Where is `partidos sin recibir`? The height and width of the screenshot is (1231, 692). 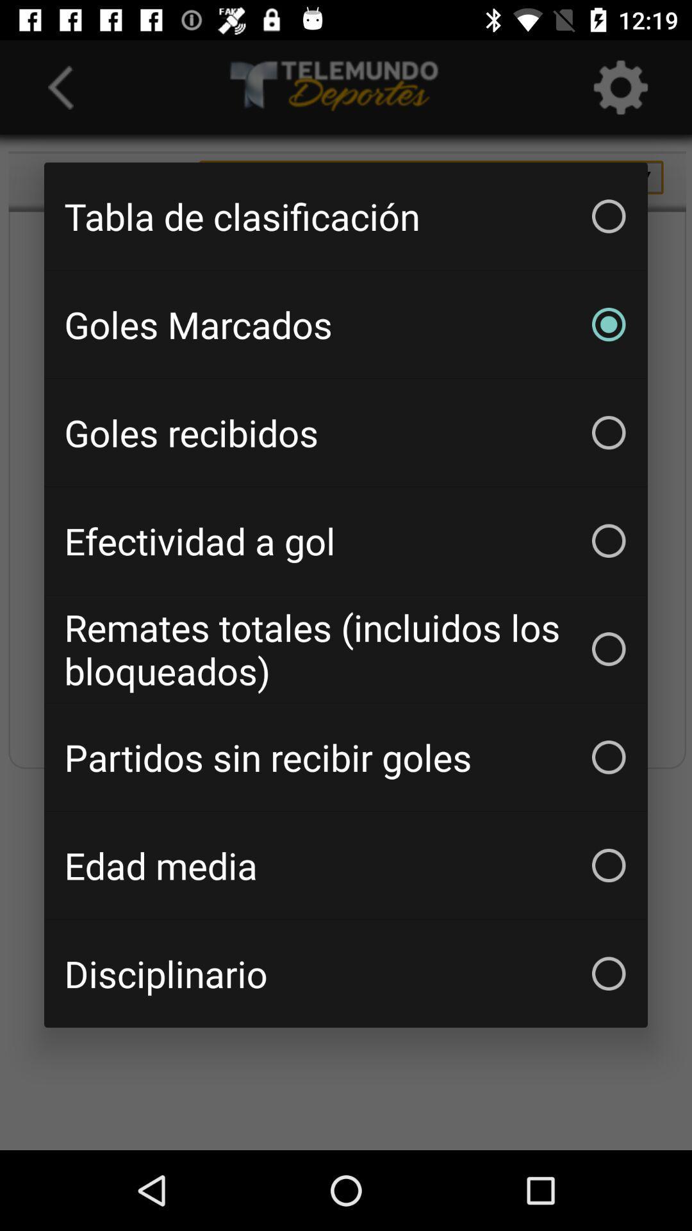 partidos sin recibir is located at coordinates (346, 757).